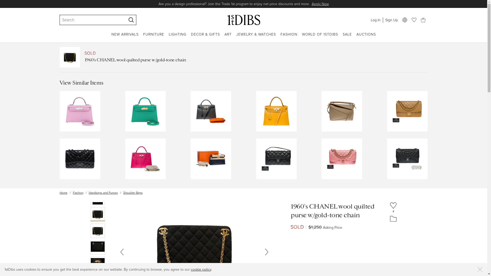  I want to click on 'Handbags and Purses', so click(103, 193).